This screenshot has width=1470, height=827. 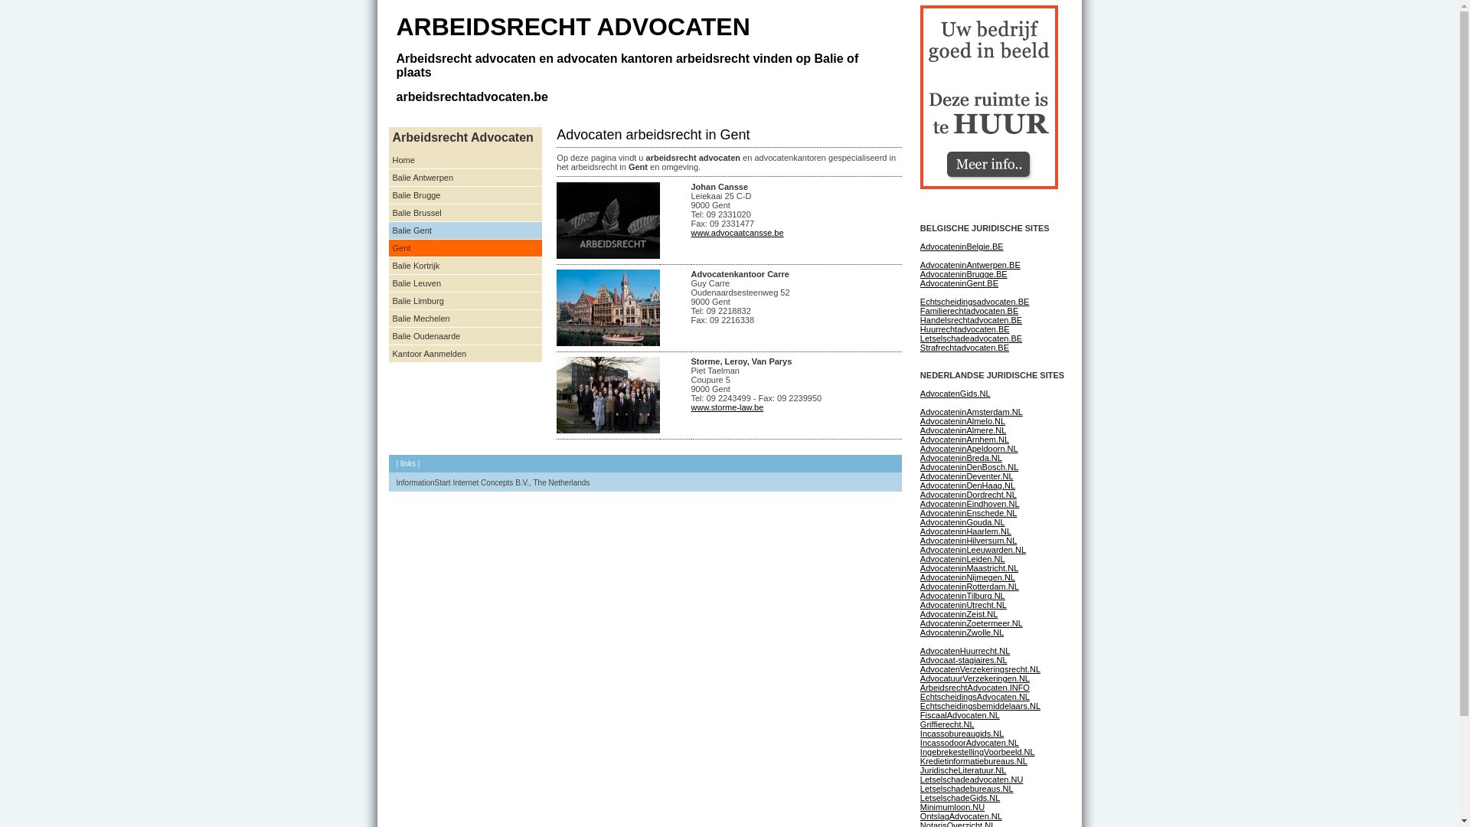 What do you see at coordinates (960, 456) in the screenshot?
I see `'AdvocateninBreda.NL'` at bounding box center [960, 456].